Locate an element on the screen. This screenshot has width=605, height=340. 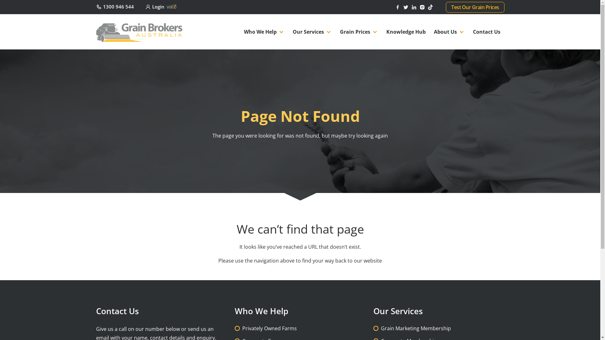
'Test Our Grain Prices' is located at coordinates (475, 7).